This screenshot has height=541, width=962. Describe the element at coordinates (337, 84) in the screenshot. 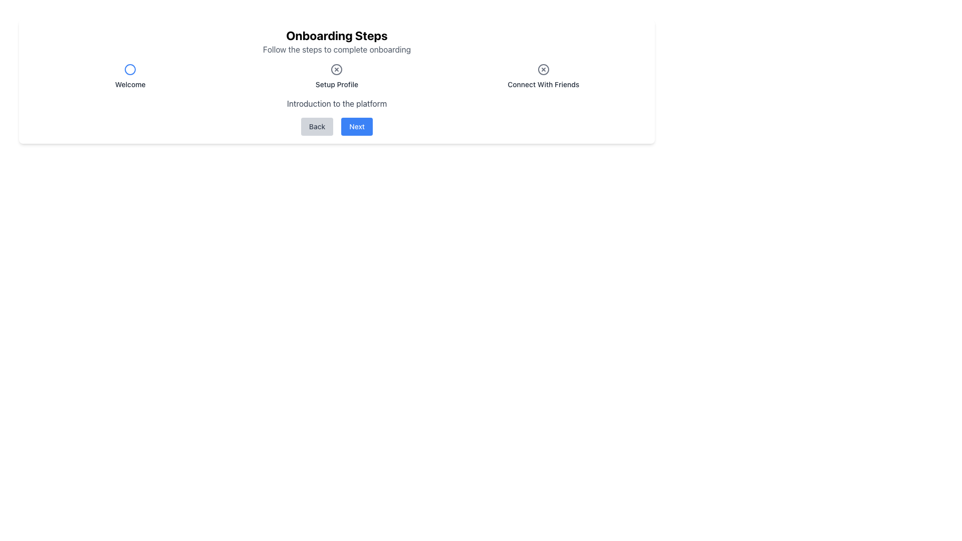

I see `the text label reading 'Setup Profile', which is styled with a medium font weight and grayish color, situated below an icon in the onboarding interface` at that location.